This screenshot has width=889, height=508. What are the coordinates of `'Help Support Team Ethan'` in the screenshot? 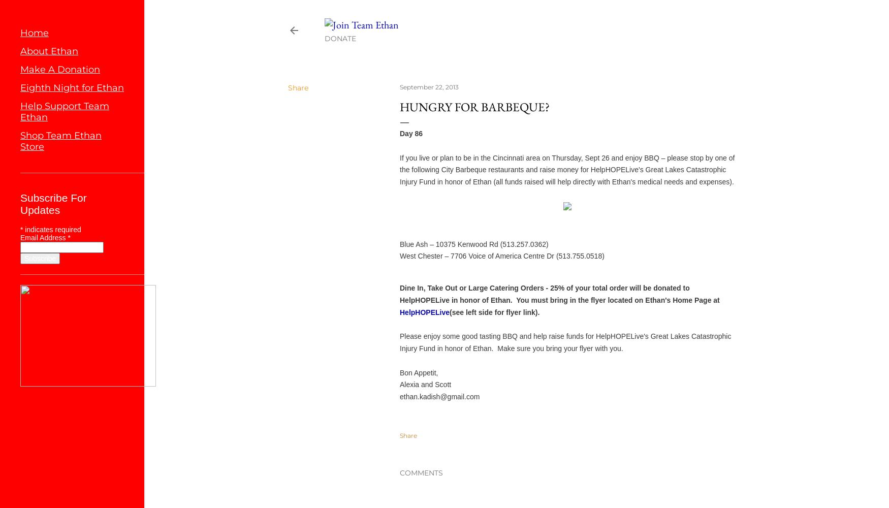 It's located at (64, 111).